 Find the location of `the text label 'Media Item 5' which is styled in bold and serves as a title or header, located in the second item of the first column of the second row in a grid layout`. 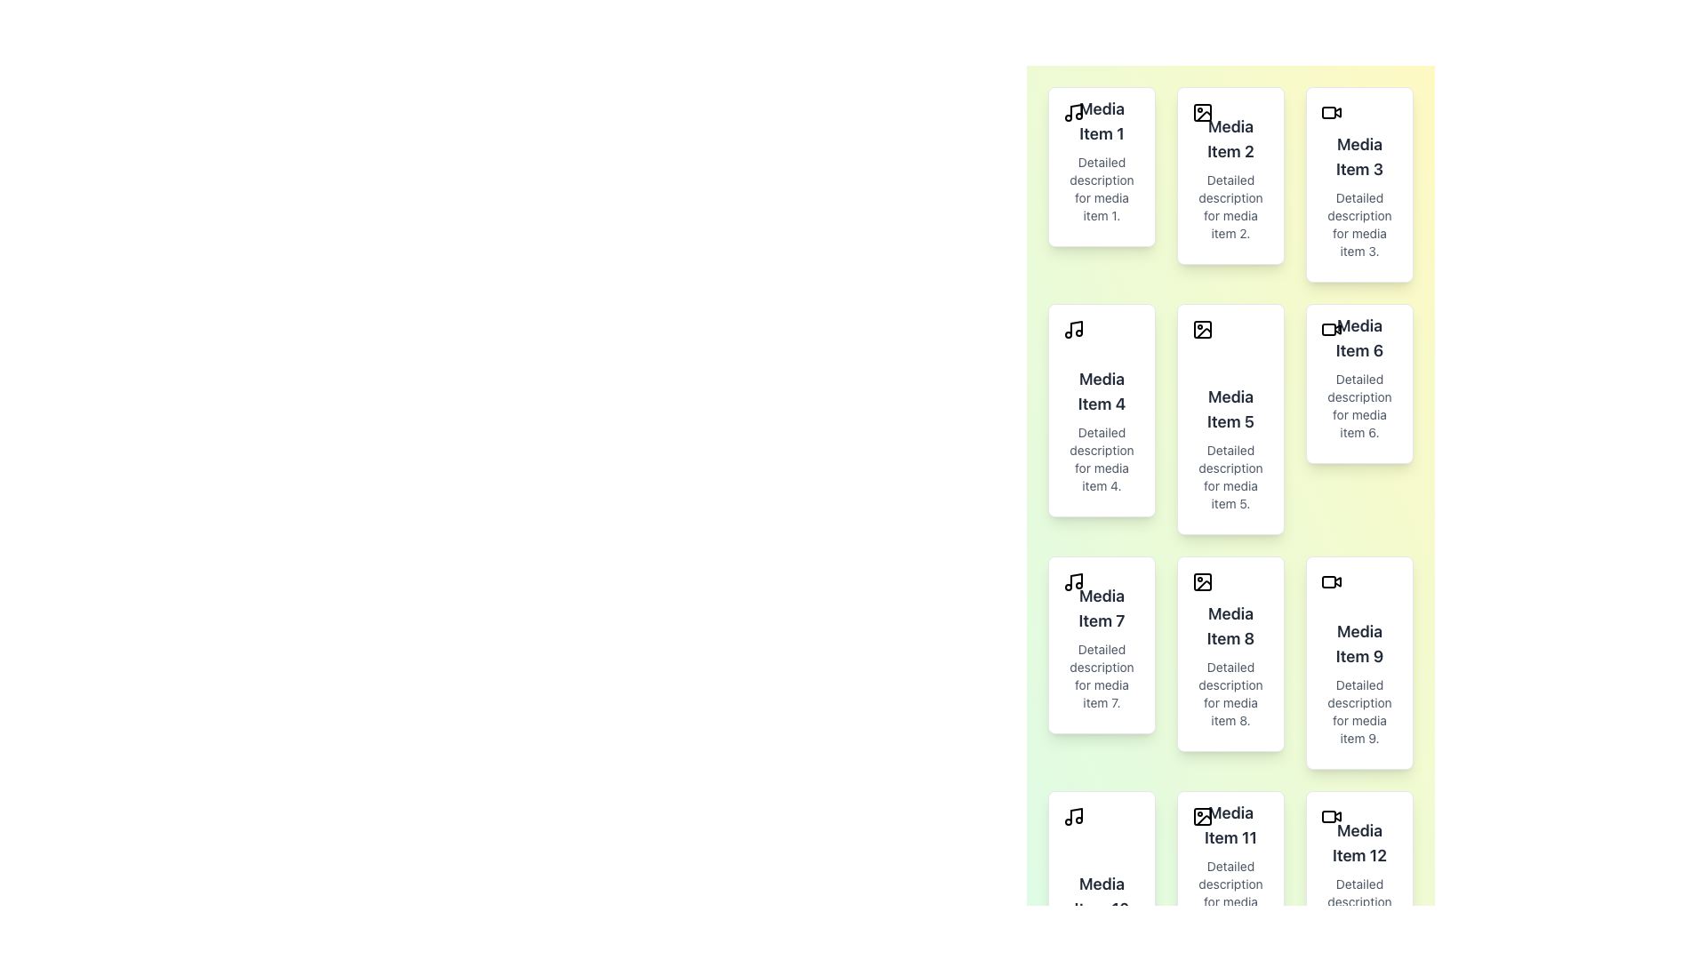

the text label 'Media Item 5' which is styled in bold and serves as a title or header, located in the second item of the first column of the second row in a grid layout is located at coordinates (1230, 410).